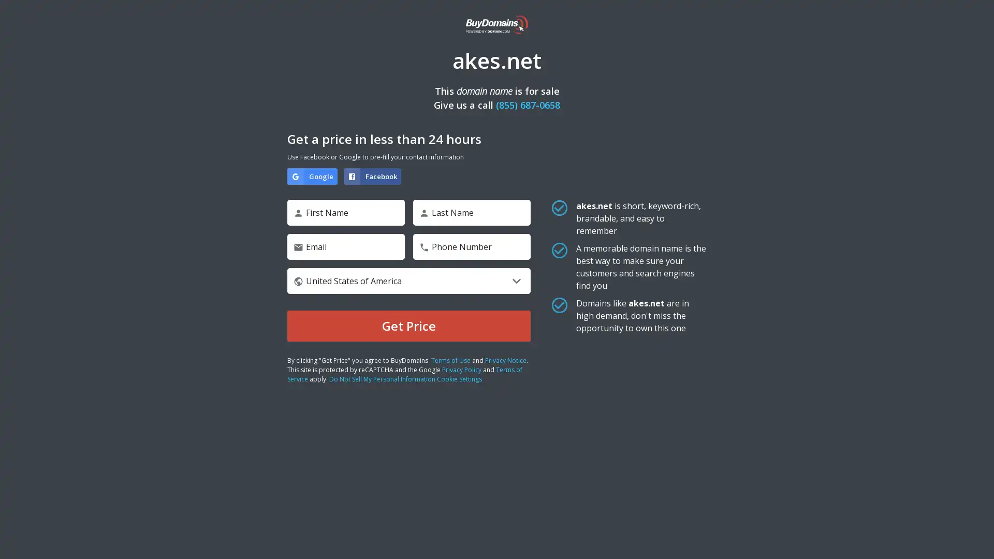  I want to click on Get Price, so click(408, 325).